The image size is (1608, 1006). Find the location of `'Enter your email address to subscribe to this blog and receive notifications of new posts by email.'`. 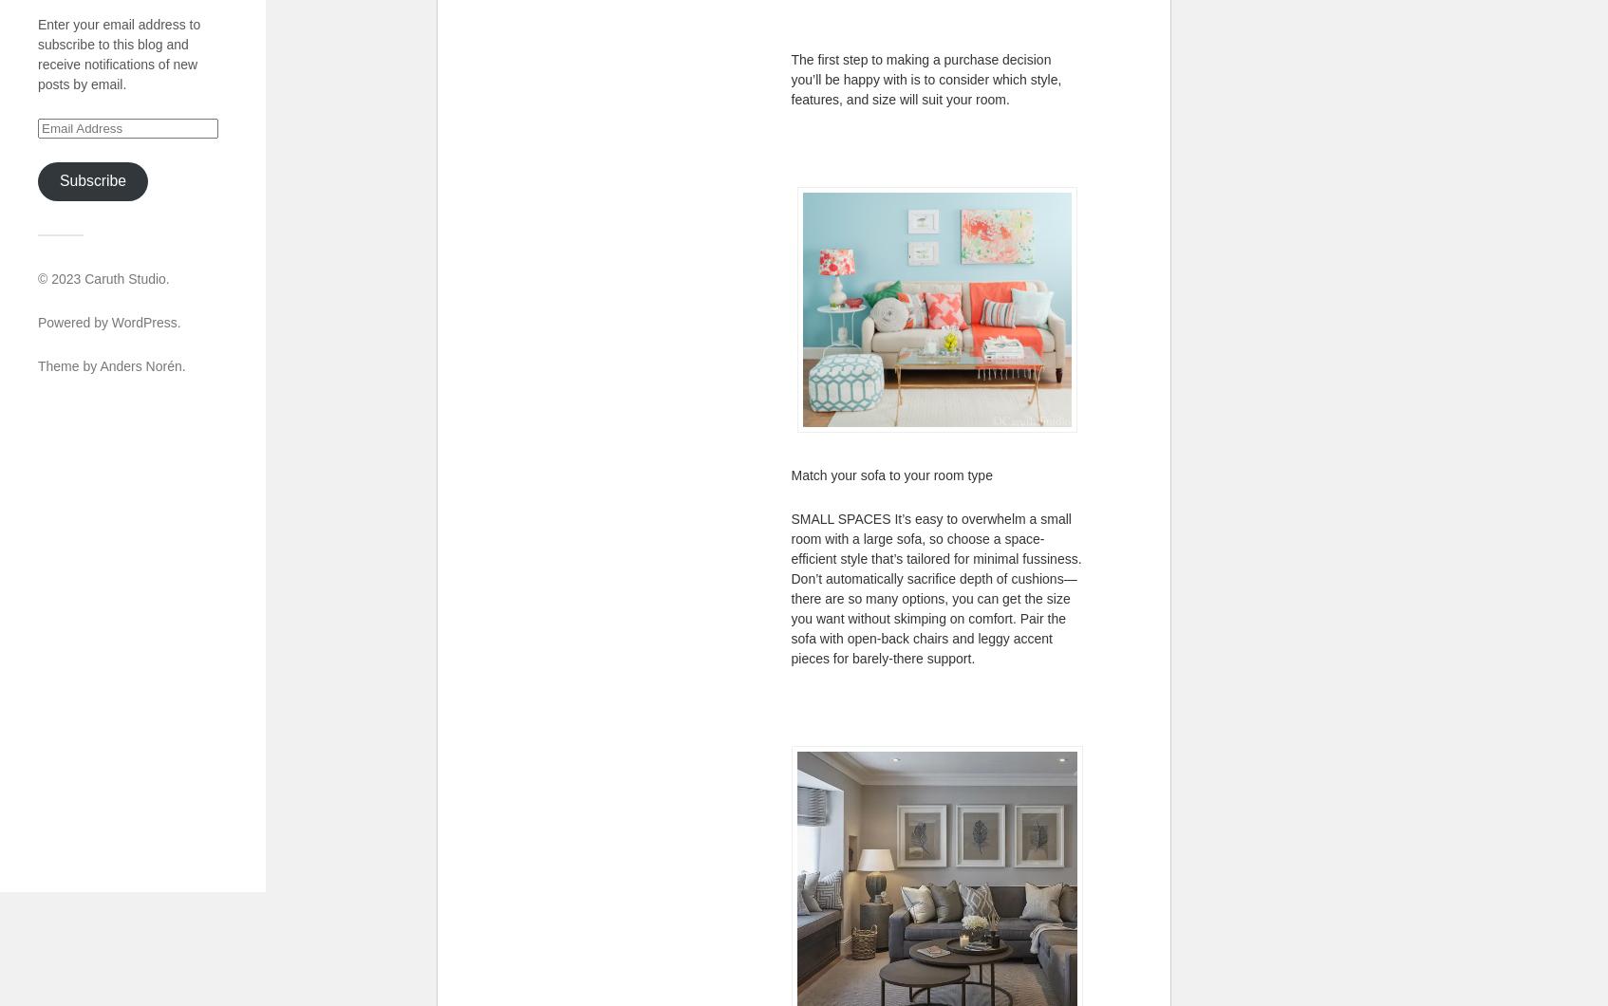

'Enter your email address to subscribe to this blog and receive notifications of new posts by email.' is located at coordinates (118, 53).